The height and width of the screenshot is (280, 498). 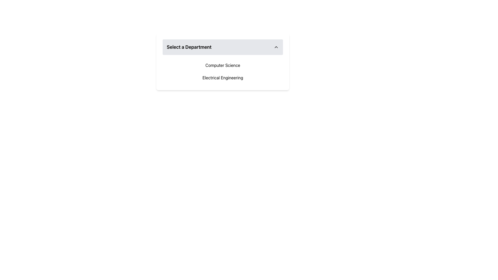 I want to click on the list item reading 'Computer Science', so click(x=223, y=65).